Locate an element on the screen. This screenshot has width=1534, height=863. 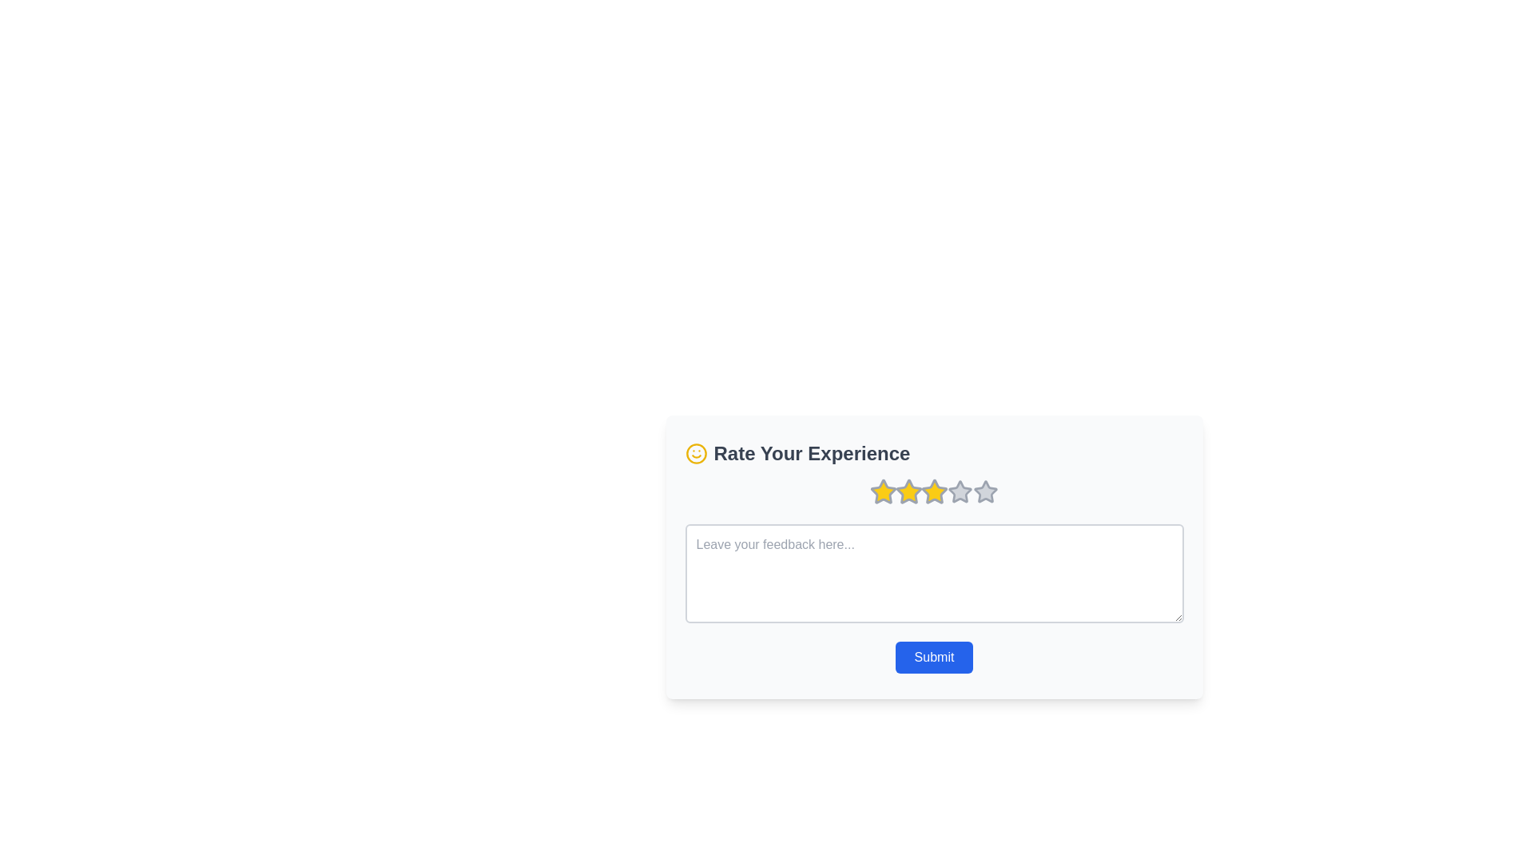
the fifth and last Clickable star icon in the horizontal rating bar is located at coordinates (984, 491).